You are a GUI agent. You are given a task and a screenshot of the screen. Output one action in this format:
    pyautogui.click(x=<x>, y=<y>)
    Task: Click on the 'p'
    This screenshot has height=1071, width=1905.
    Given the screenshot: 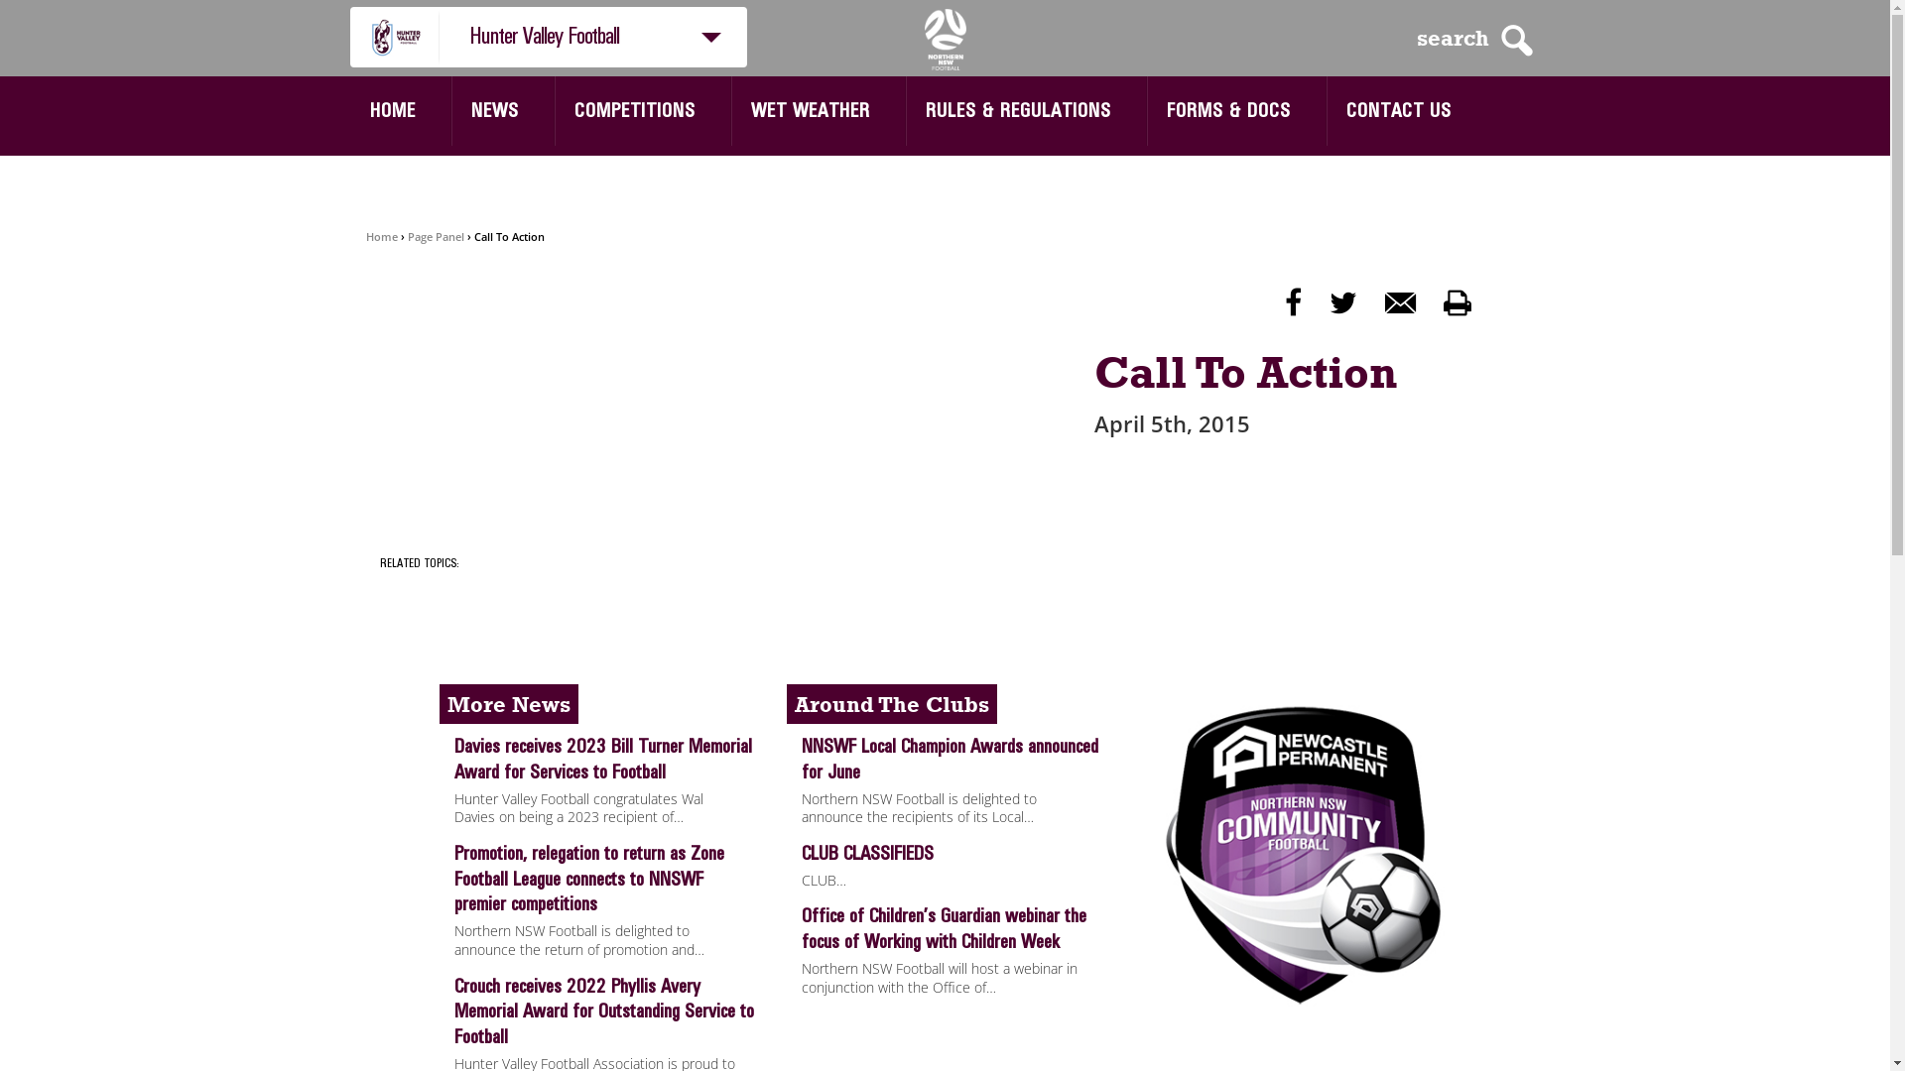 What is the action you would take?
    pyautogui.click(x=1457, y=302)
    